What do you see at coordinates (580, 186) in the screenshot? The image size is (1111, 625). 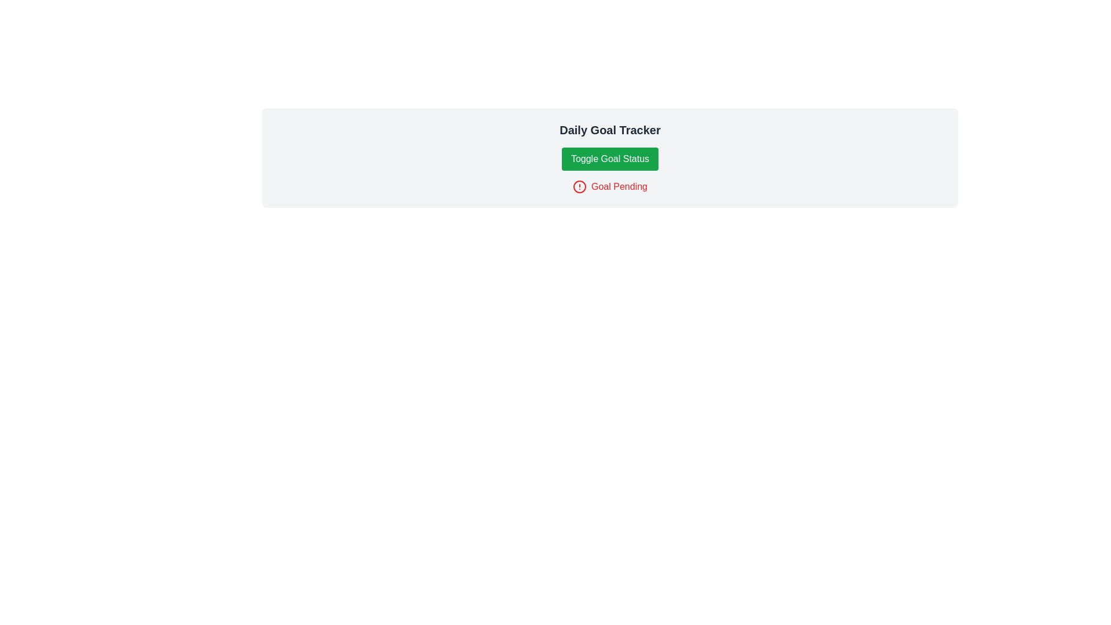 I see `the circular shape within the SVG graphic of the alert icon` at bounding box center [580, 186].